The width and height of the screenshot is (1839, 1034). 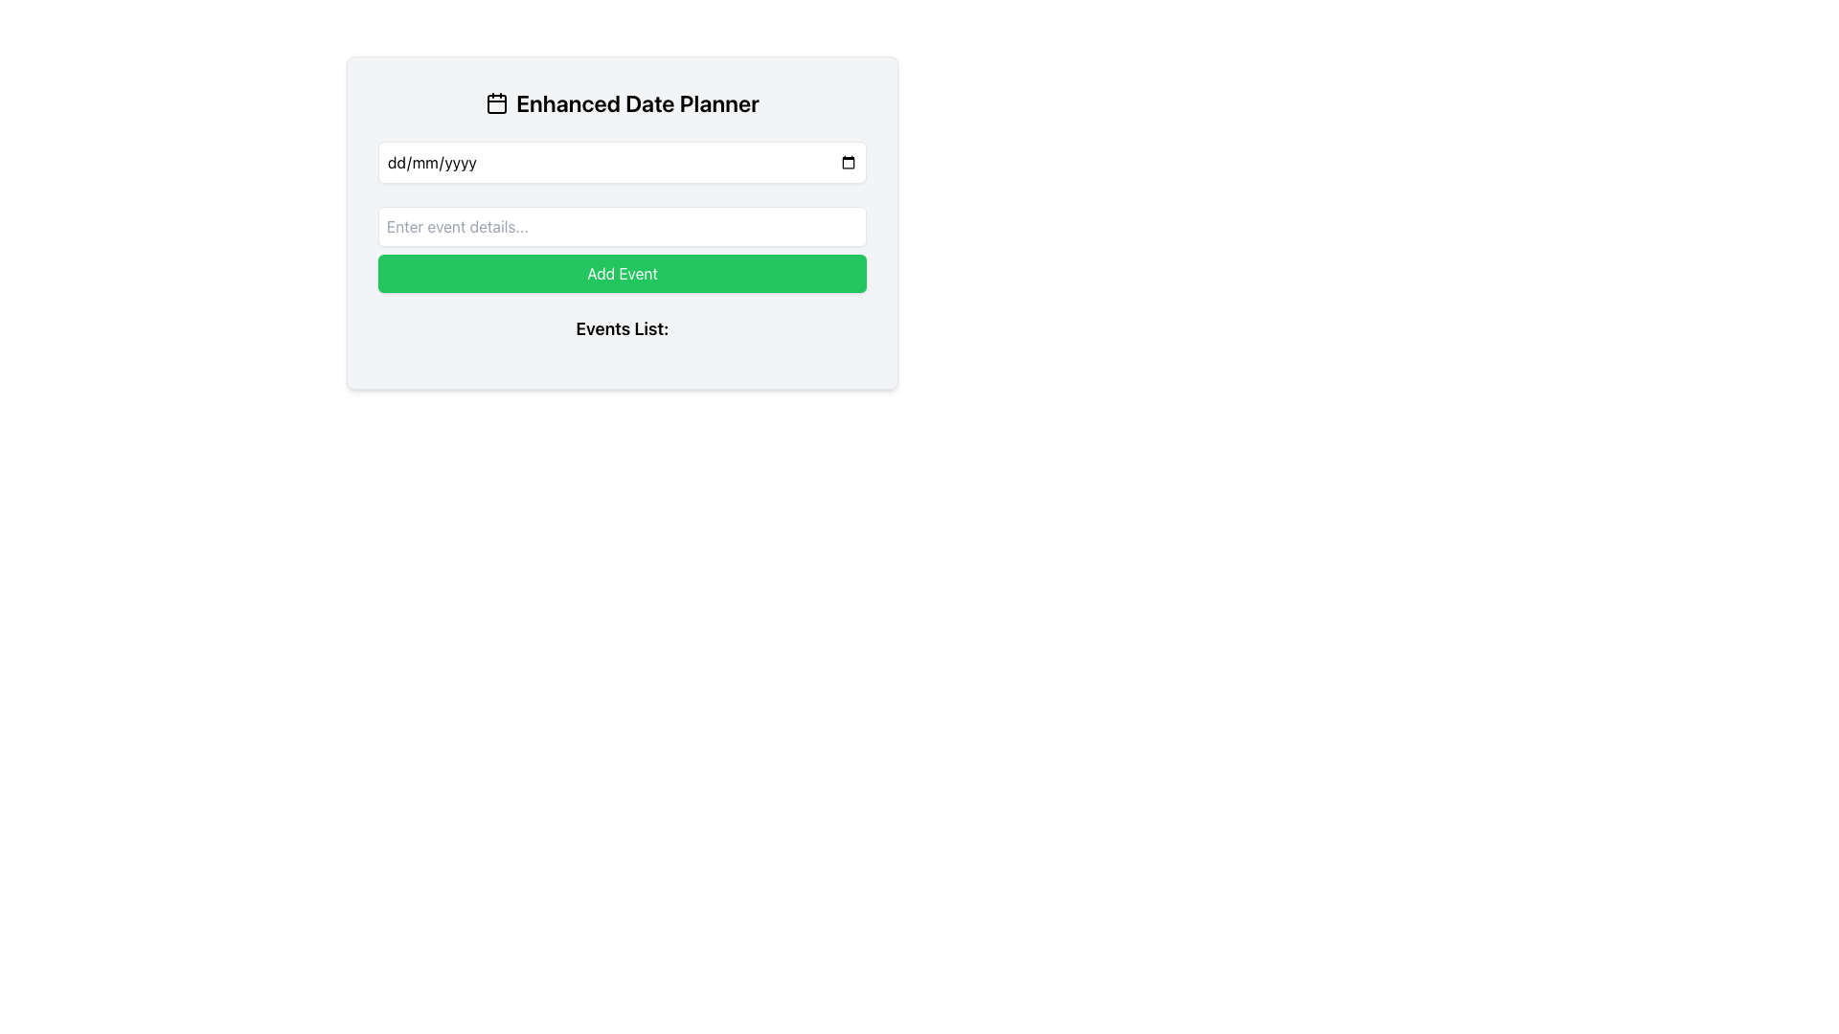 What do you see at coordinates (622, 273) in the screenshot?
I see `the 'Add Event' button located below the 'Enter event details...' input field` at bounding box center [622, 273].